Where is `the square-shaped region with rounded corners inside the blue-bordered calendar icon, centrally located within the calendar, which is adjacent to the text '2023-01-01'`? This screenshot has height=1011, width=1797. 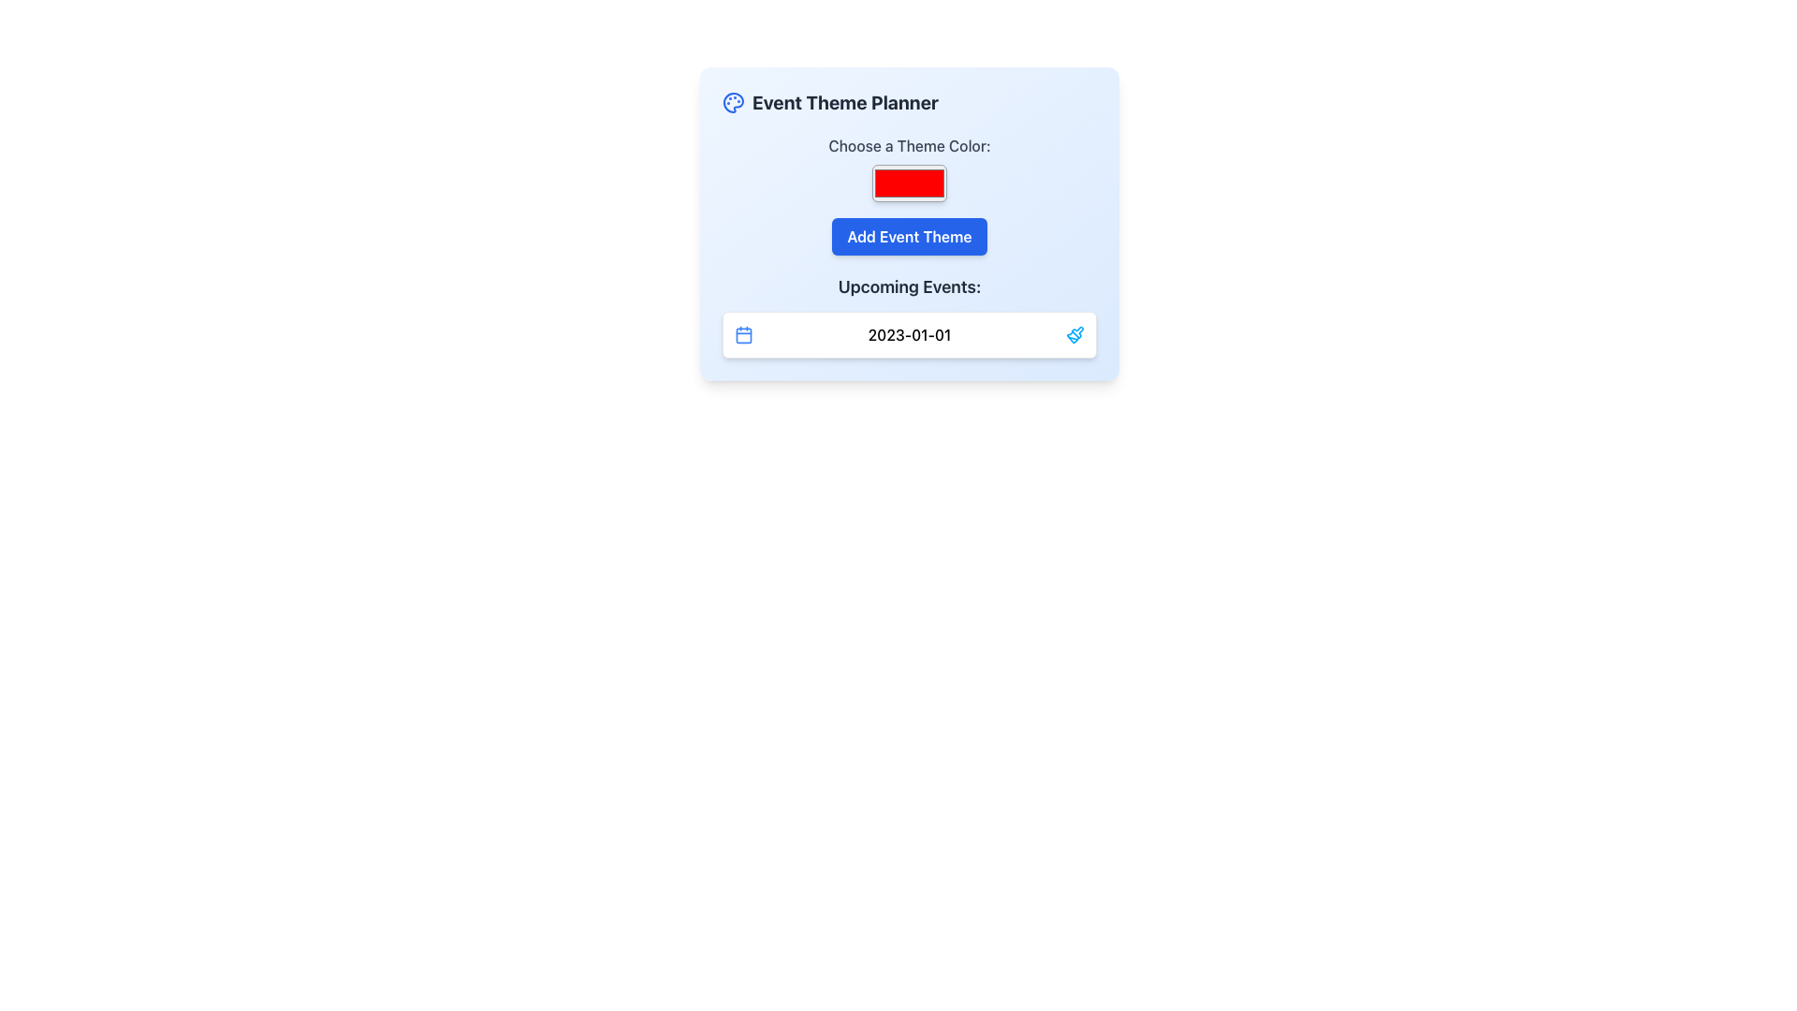
the square-shaped region with rounded corners inside the blue-bordered calendar icon, centrally located within the calendar, which is adjacent to the text '2023-01-01' is located at coordinates (743, 334).